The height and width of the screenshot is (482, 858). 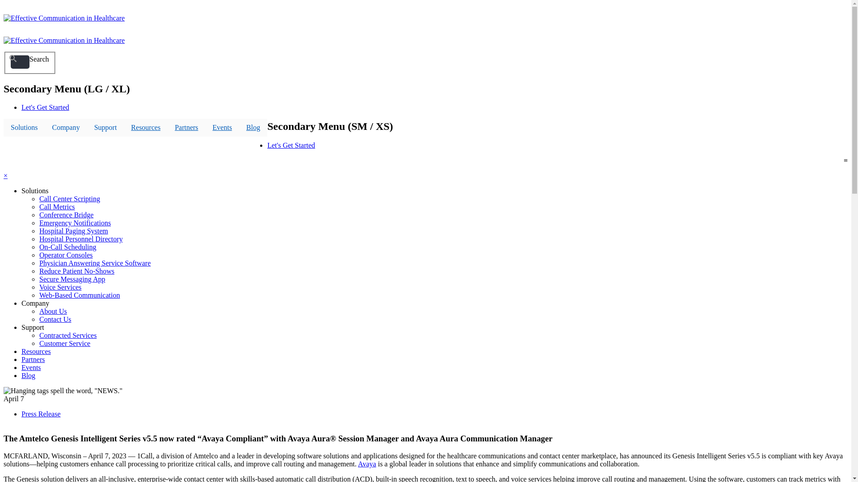 I want to click on 'Reduce Patient No-Shows', so click(x=77, y=270).